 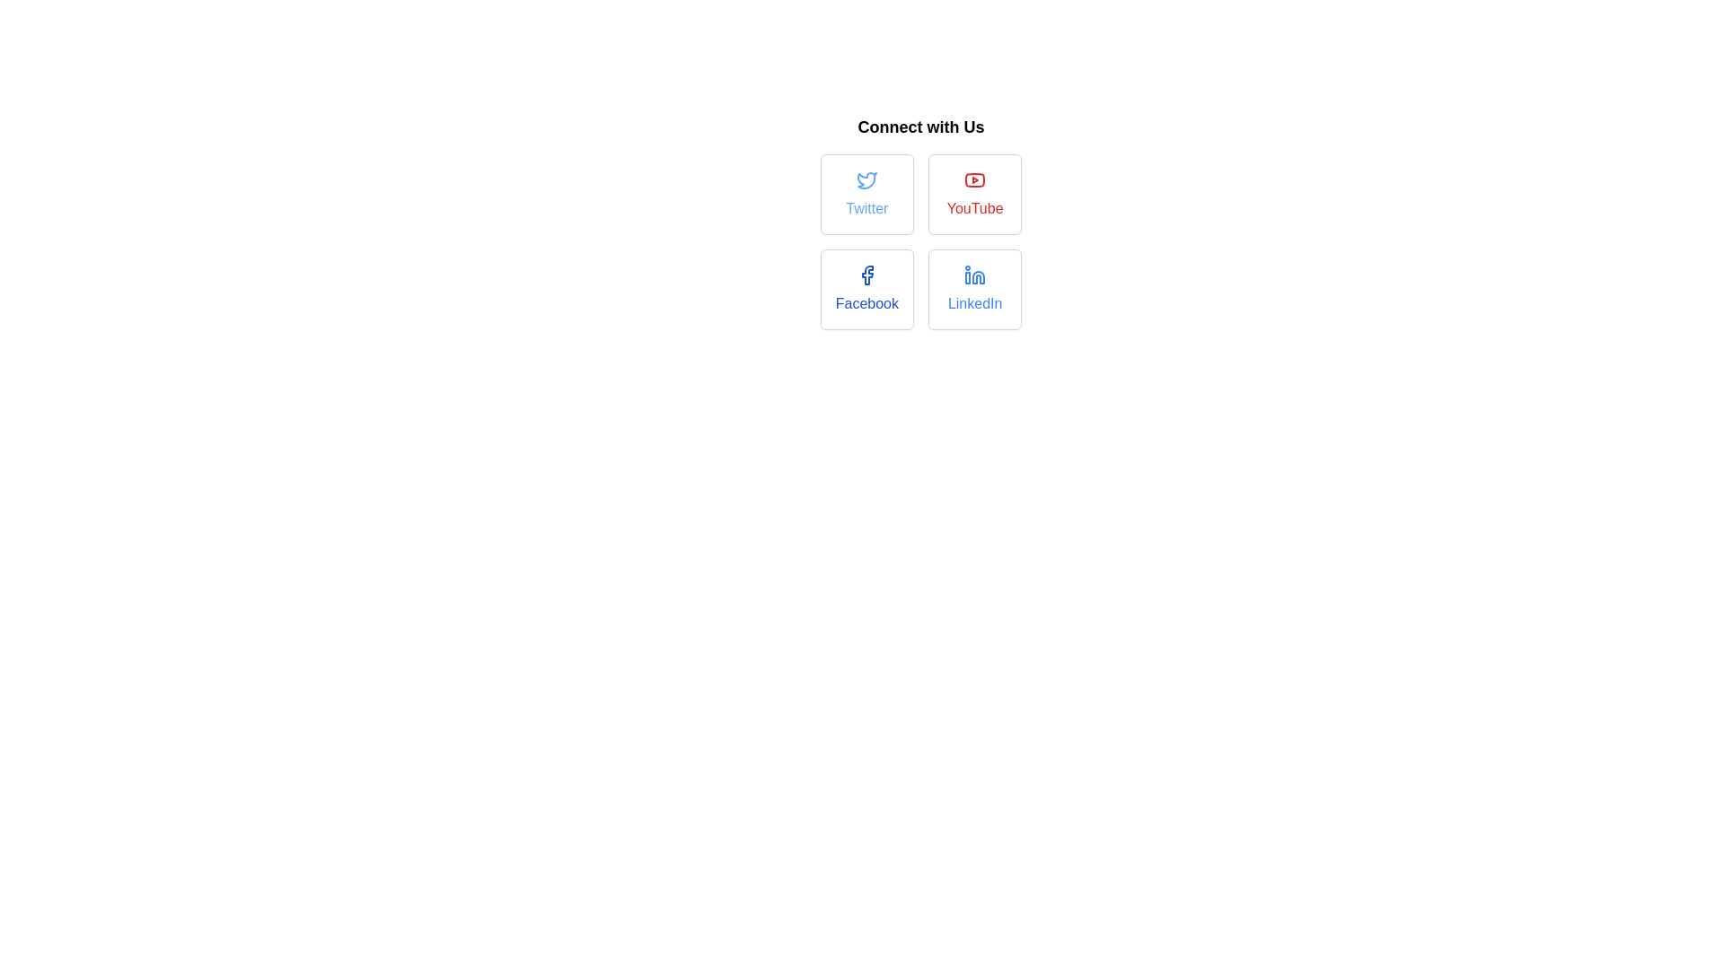 What do you see at coordinates (974, 194) in the screenshot?
I see `the YouTube button, which is the second button in the first row of a 2x2 grid` at bounding box center [974, 194].